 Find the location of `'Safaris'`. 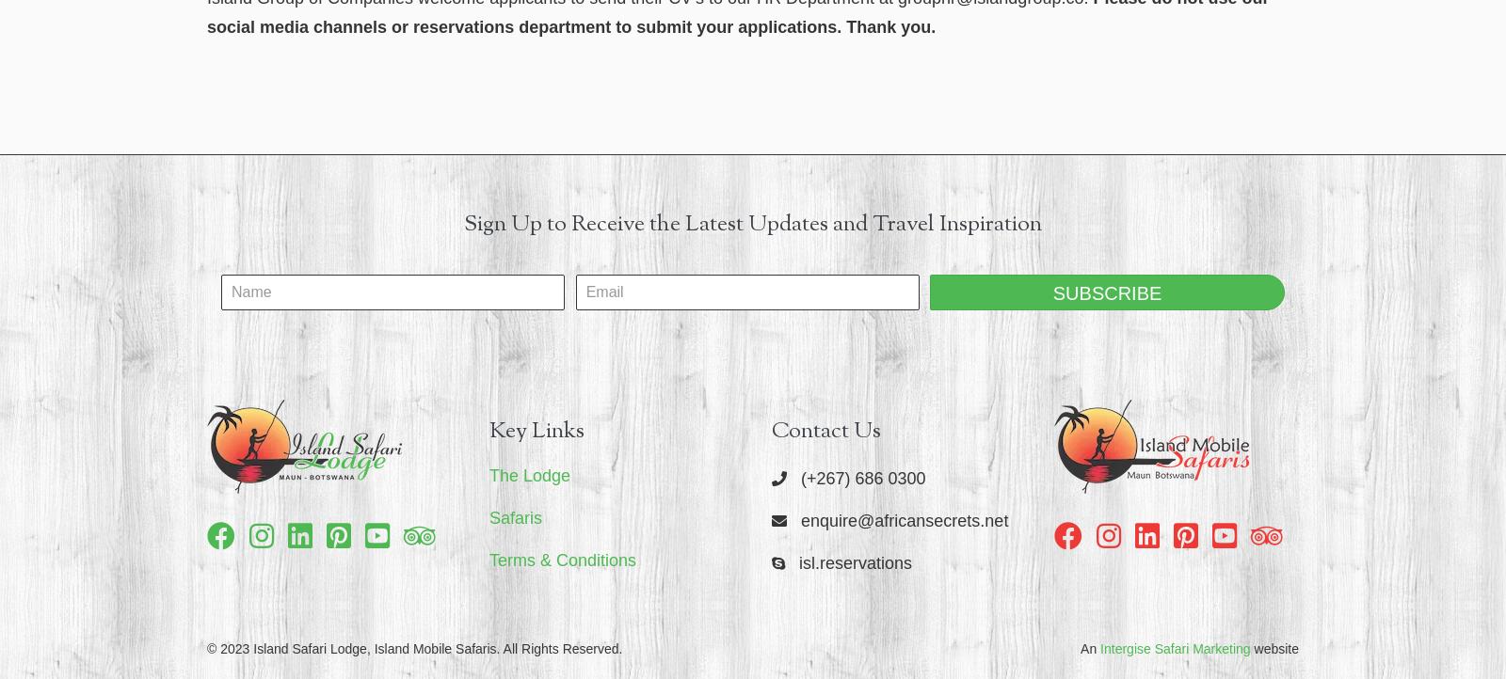

'Safaris' is located at coordinates (515, 516).